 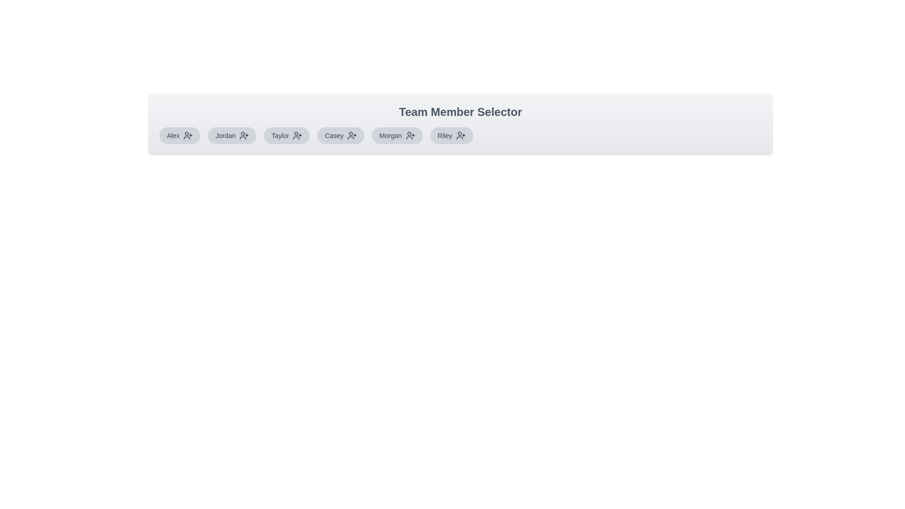 I want to click on the team member Taylor, so click(x=286, y=136).